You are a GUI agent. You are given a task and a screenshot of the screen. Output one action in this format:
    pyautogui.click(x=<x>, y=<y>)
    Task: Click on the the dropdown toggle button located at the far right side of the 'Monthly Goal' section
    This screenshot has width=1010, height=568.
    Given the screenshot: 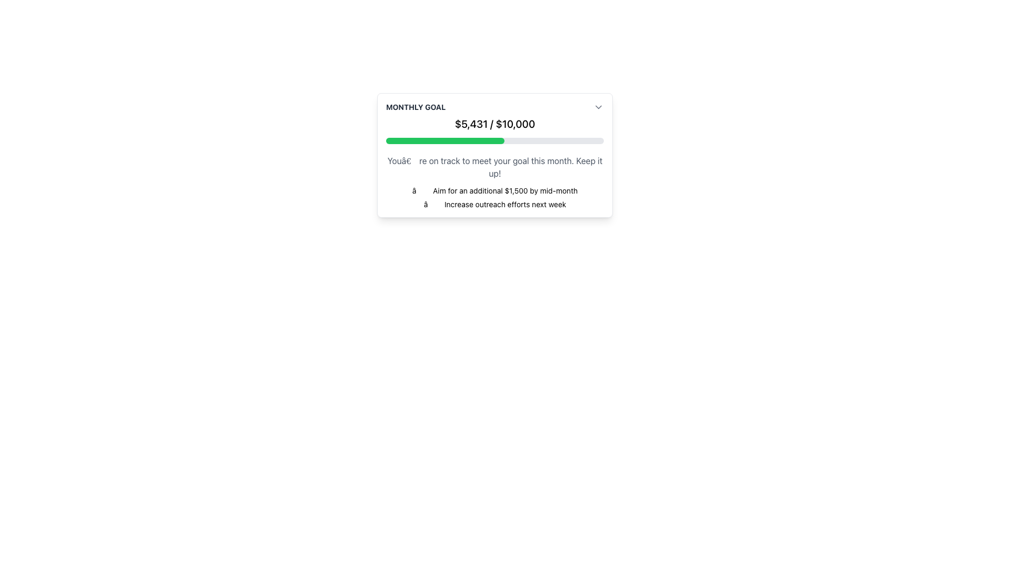 What is the action you would take?
    pyautogui.click(x=598, y=107)
    